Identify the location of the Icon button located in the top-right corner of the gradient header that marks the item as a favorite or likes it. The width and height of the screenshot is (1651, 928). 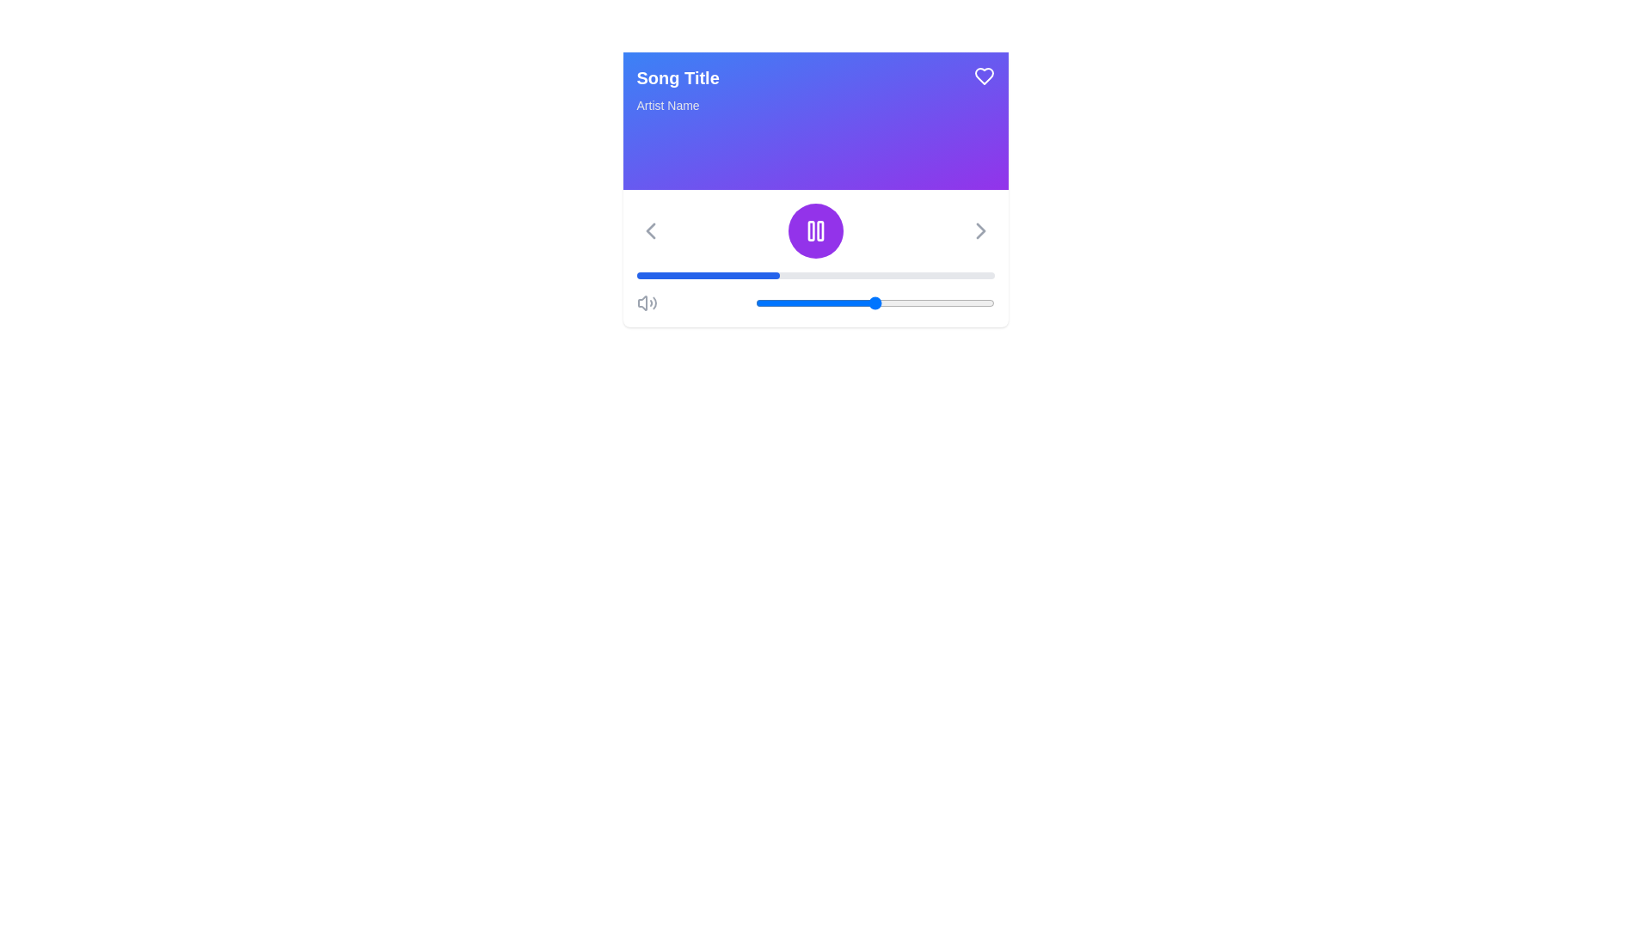
(984, 75).